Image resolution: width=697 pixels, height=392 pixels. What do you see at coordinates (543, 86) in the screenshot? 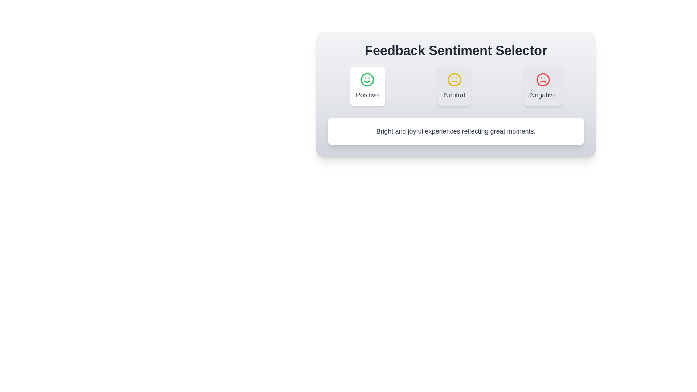
I see `the Negative tab` at bounding box center [543, 86].